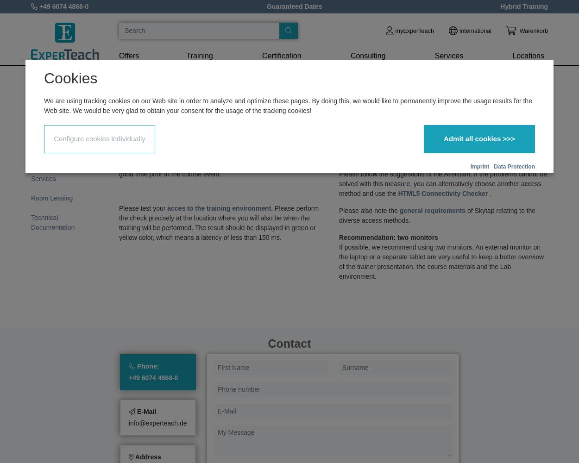 This screenshot has height=463, width=579. What do you see at coordinates (99, 138) in the screenshot?
I see `'Configure cookies individually'` at bounding box center [99, 138].